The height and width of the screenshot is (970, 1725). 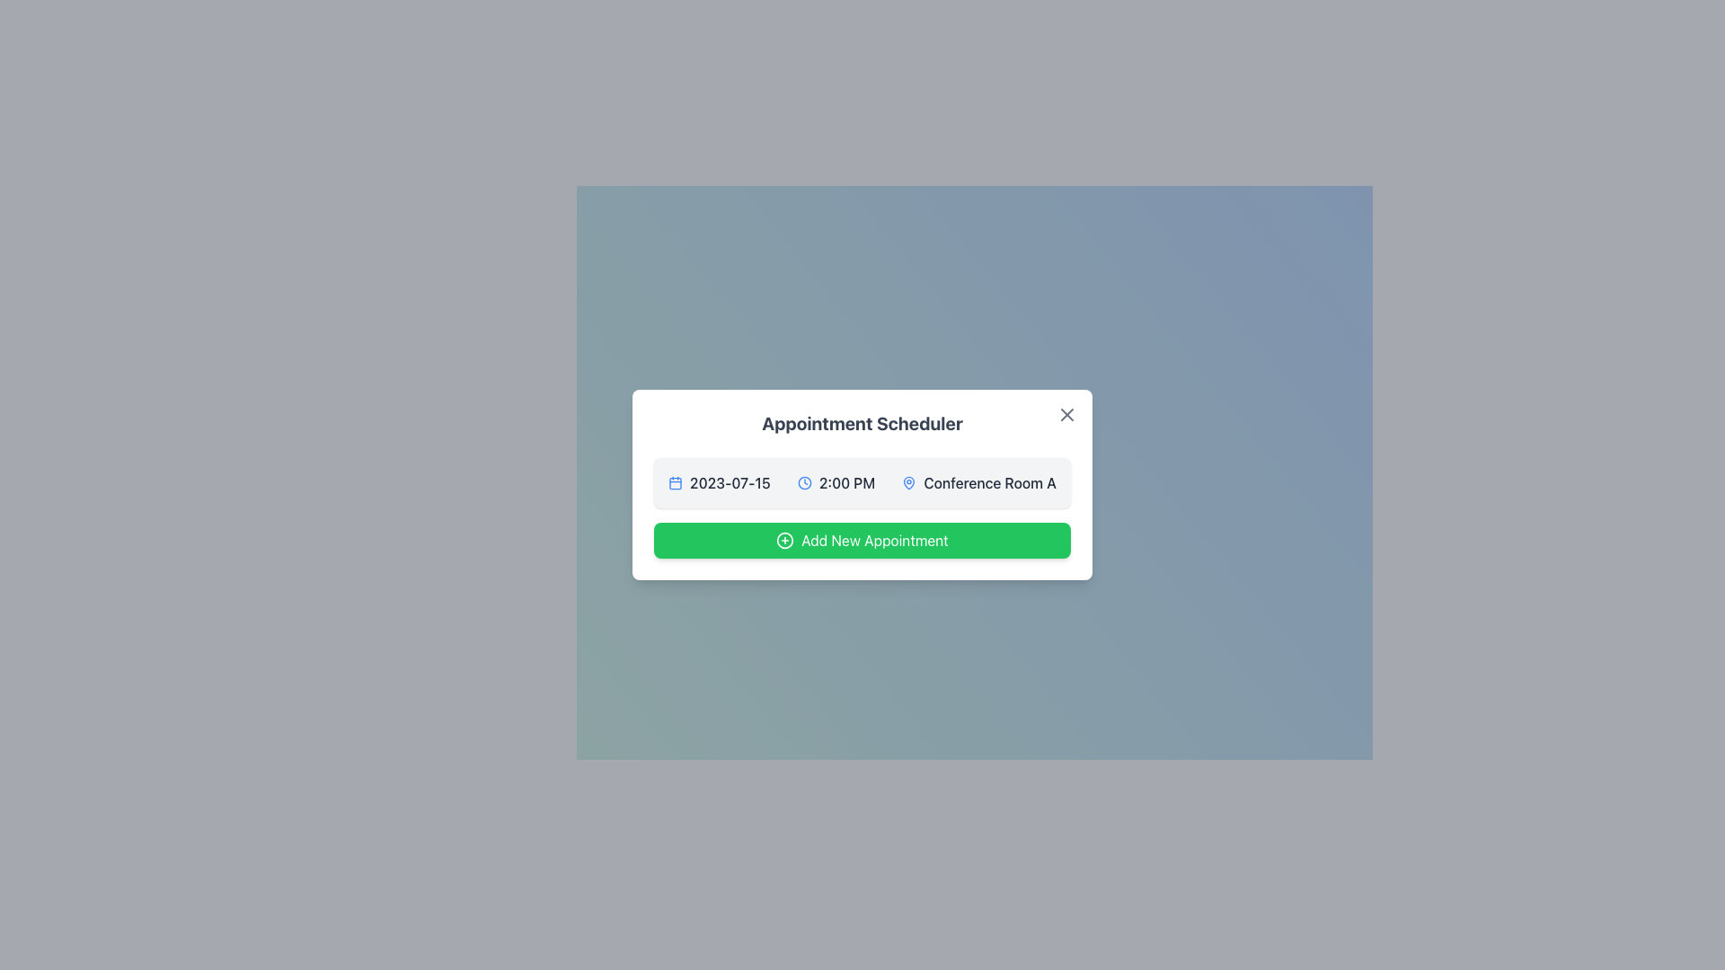 I want to click on the button located below the text content to initiate the process of adding a new appointment, so click(x=862, y=539).